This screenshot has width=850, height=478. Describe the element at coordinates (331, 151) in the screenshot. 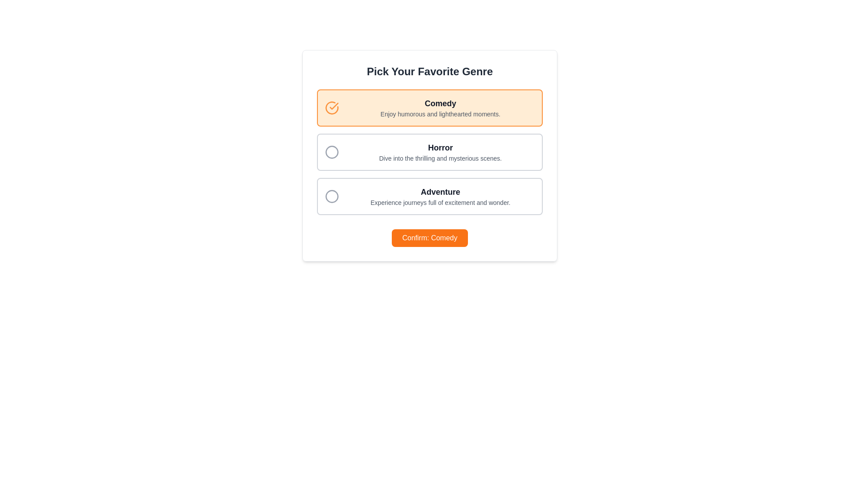

I see `the circular selection indicator for the 'Horror' option, which is part of the graphical selection list` at that location.